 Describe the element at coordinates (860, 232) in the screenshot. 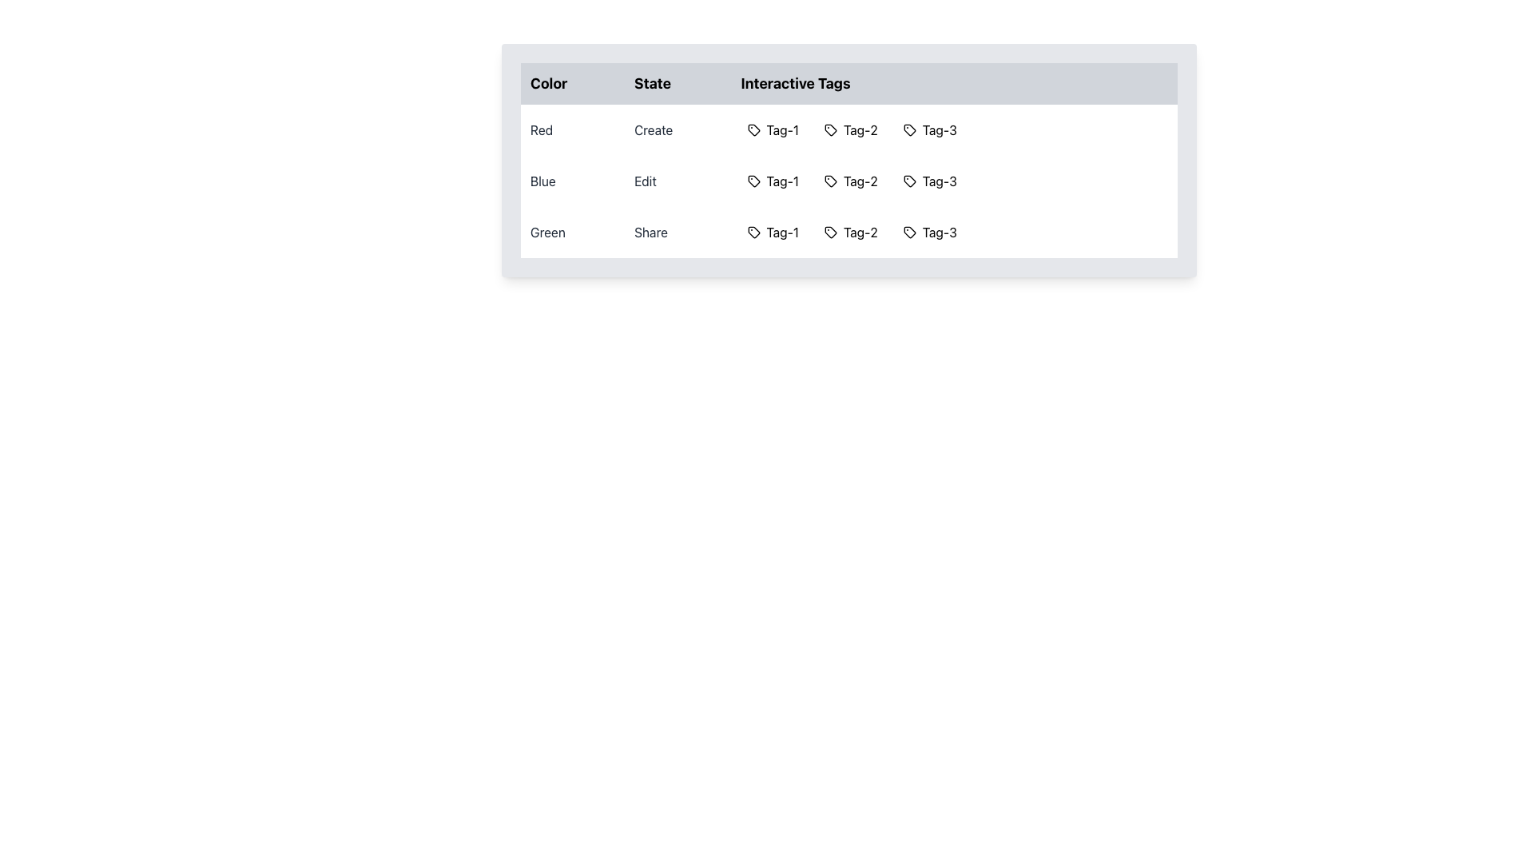

I see `the second interactive tag in the third row of the table under the 'Interactive Tags' column, which categorizes data` at that location.